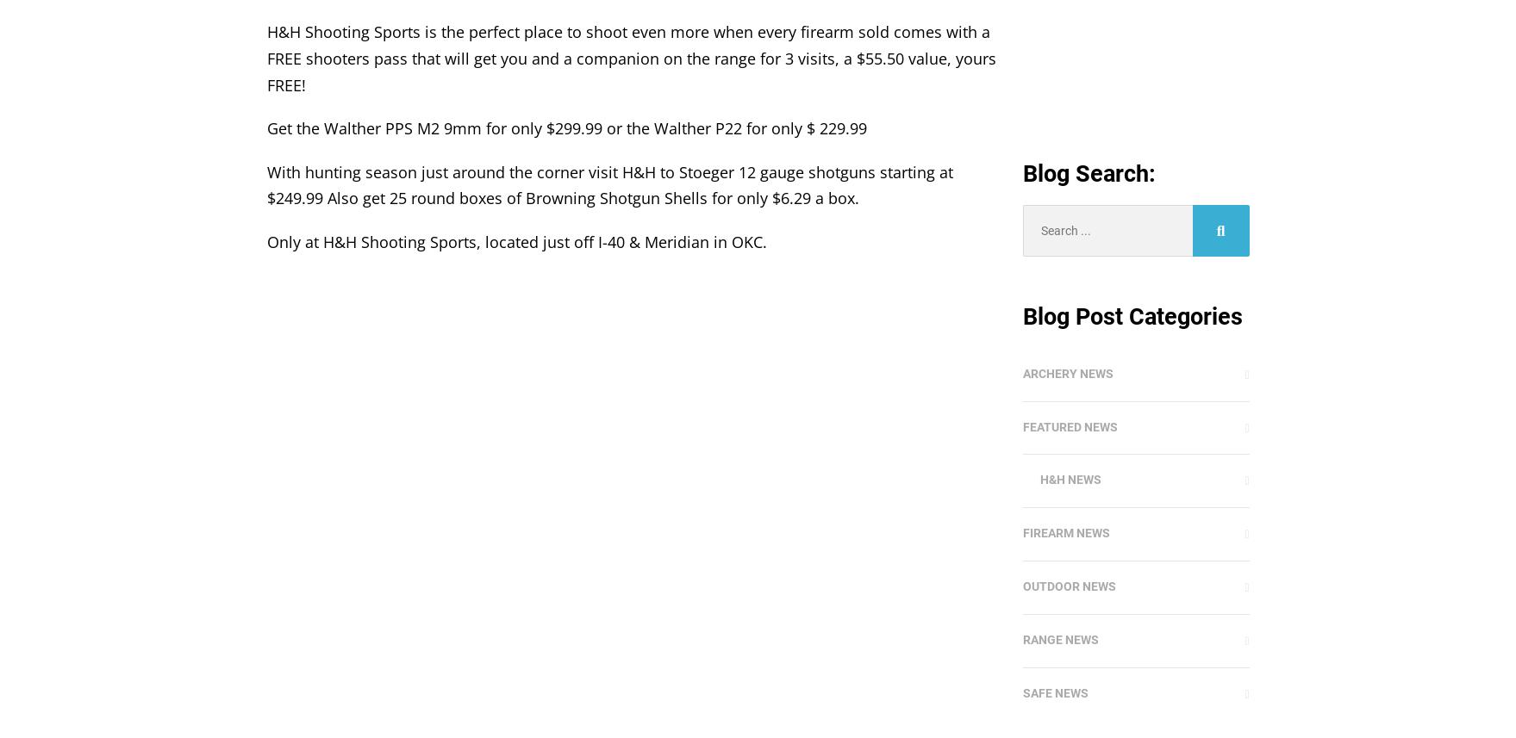 The image size is (1516, 738). Describe the element at coordinates (1065, 532) in the screenshot. I see `'Firearm News'` at that location.